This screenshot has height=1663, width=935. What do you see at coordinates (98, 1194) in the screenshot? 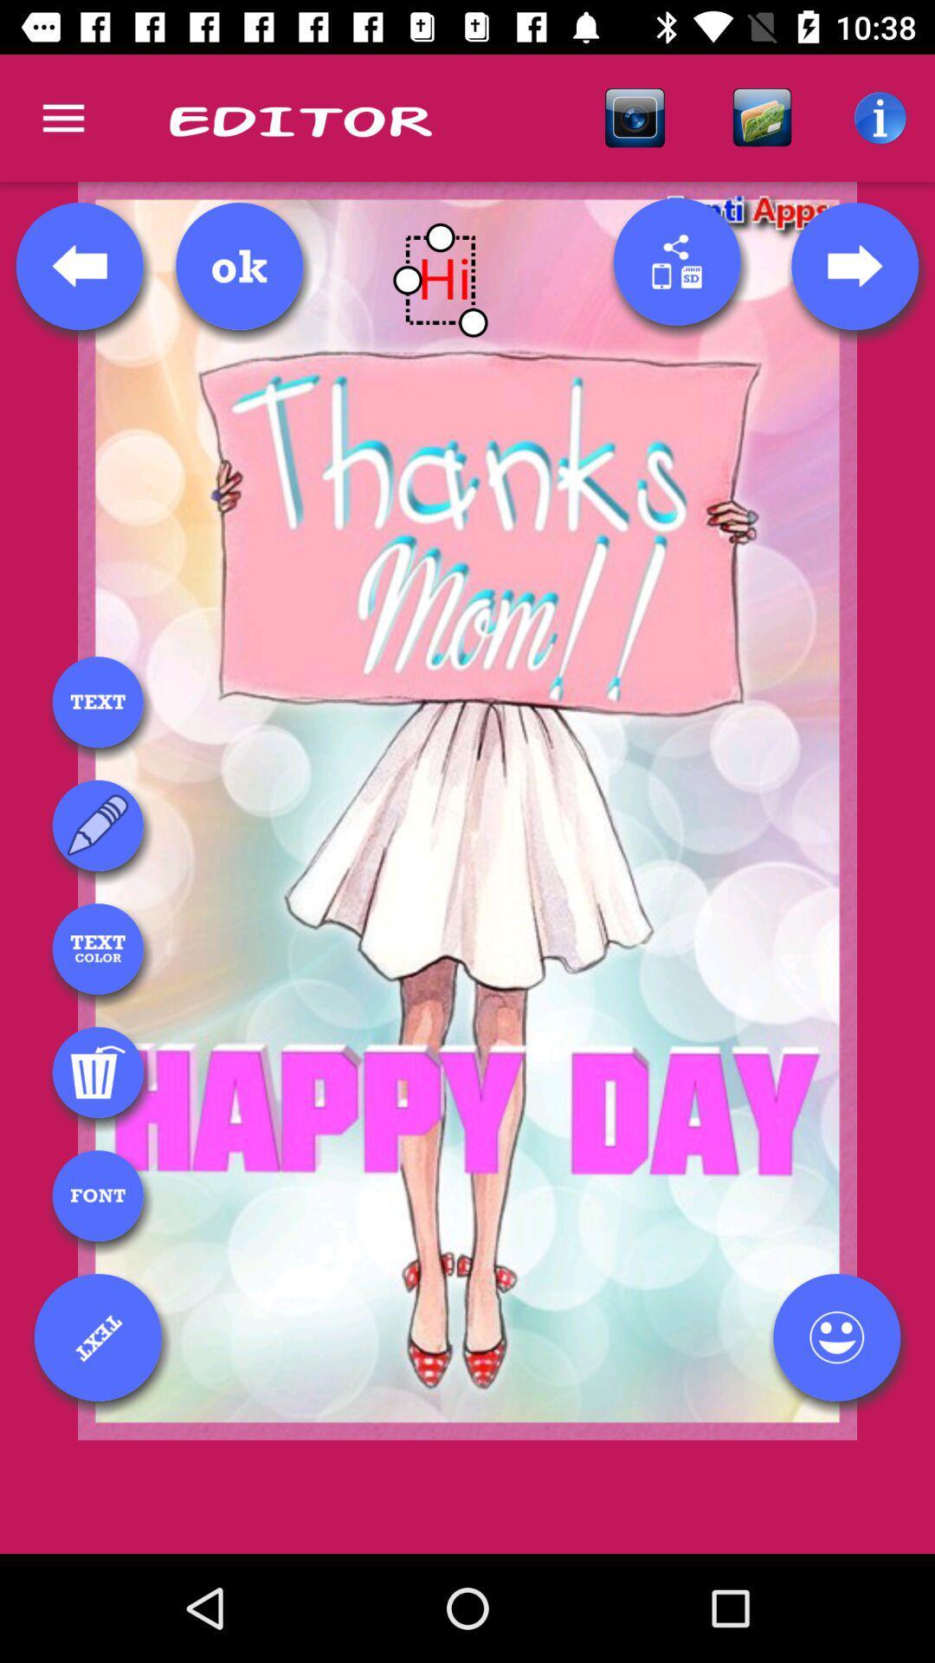
I see `change font` at bounding box center [98, 1194].